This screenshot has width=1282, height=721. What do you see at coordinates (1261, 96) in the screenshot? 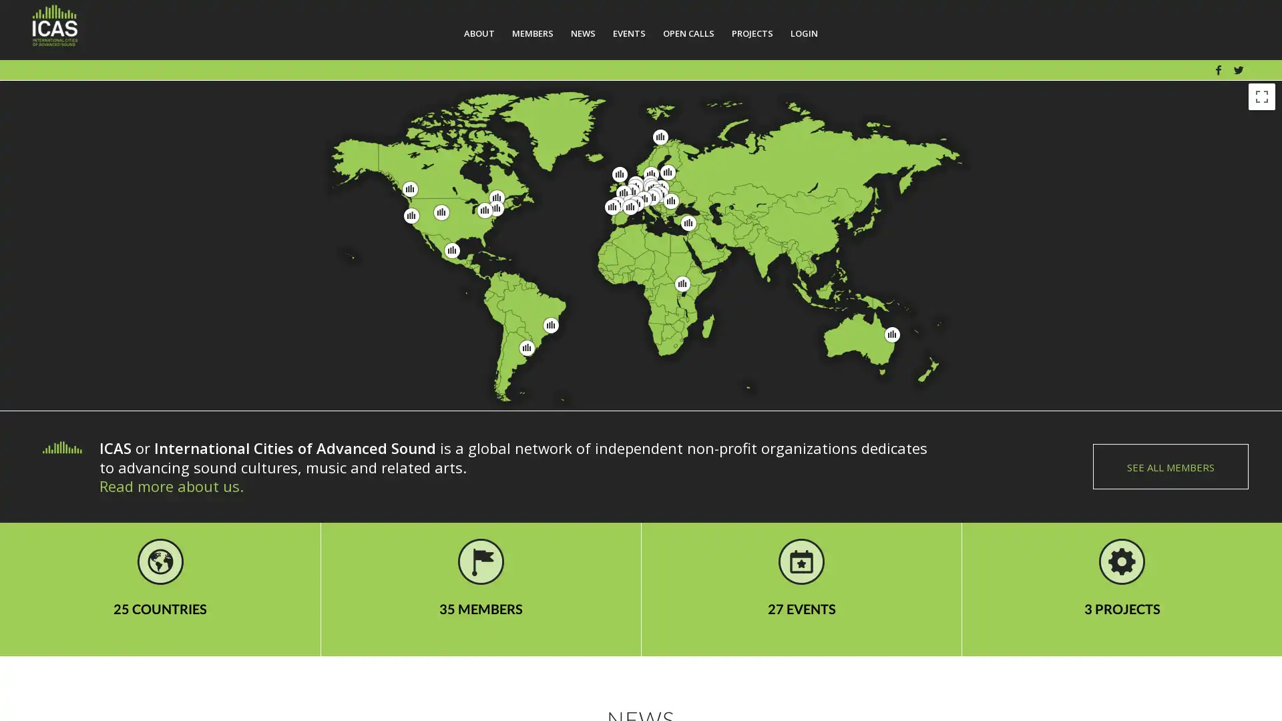
I see `Toggle fullscreen view` at bounding box center [1261, 96].